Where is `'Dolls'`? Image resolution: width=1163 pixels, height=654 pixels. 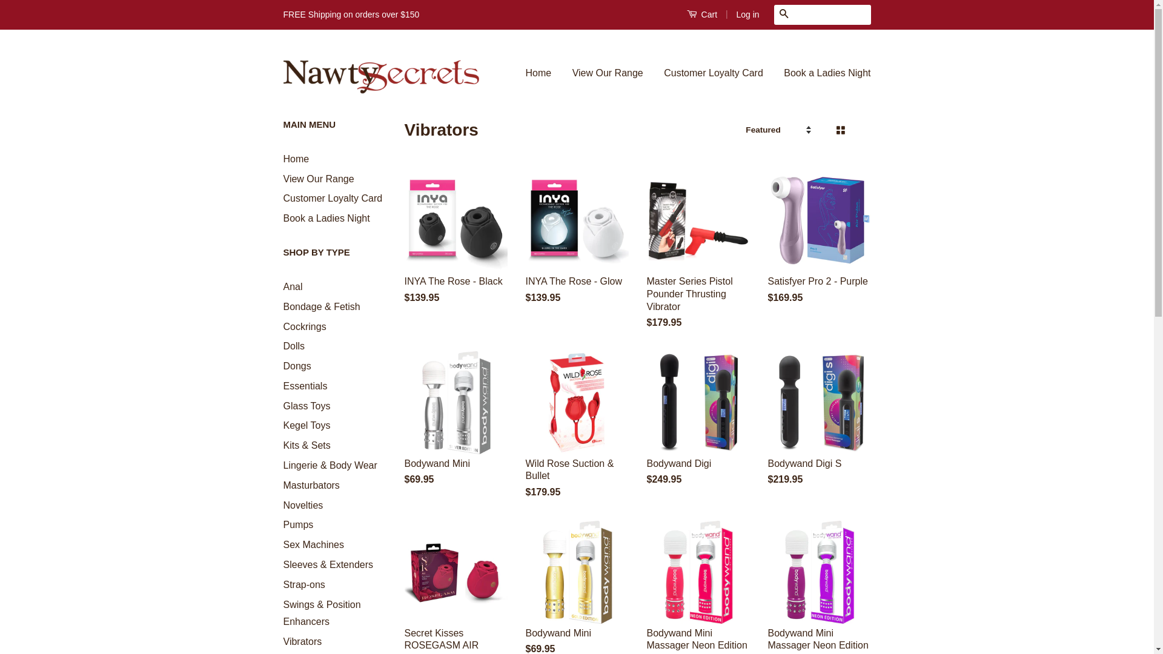
'Dolls' is located at coordinates (294, 346).